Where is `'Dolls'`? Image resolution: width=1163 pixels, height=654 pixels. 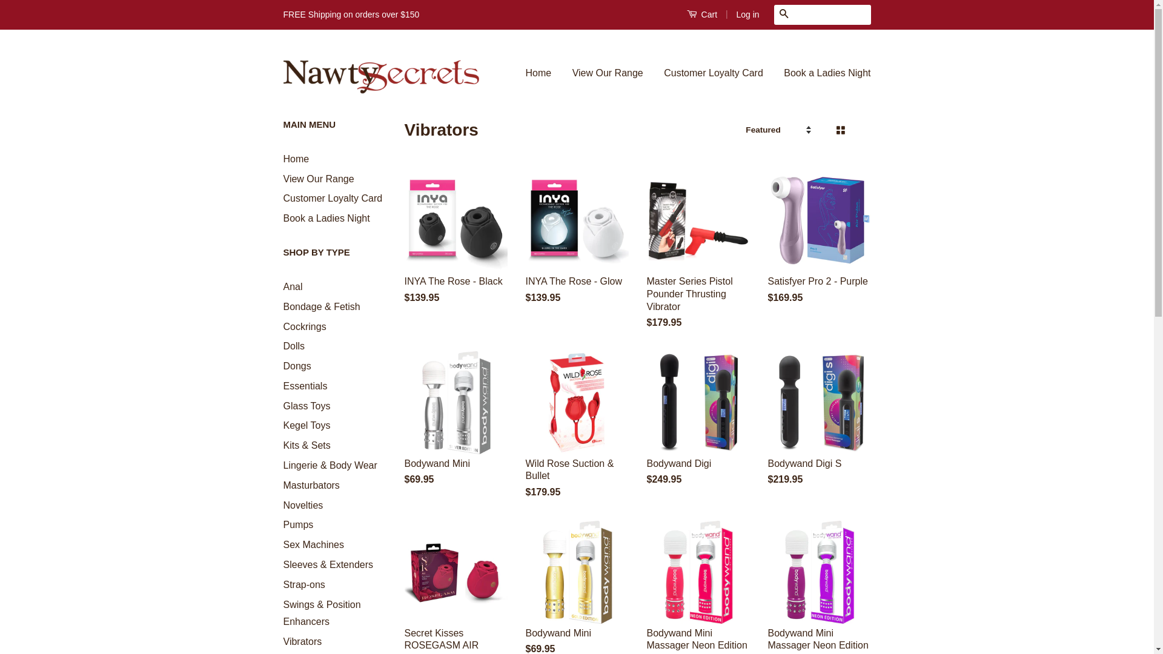
'Dolls' is located at coordinates (294, 346).